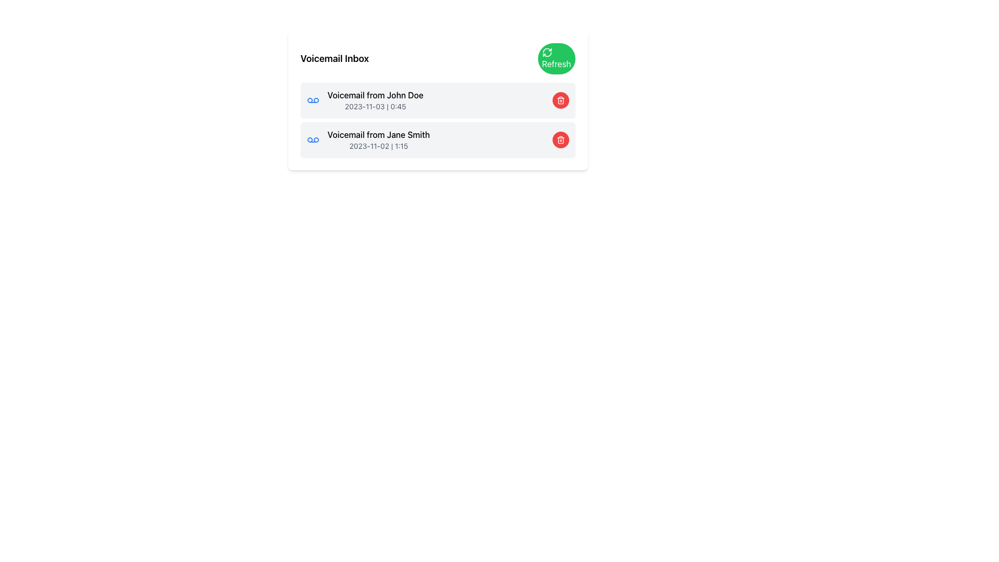 Image resolution: width=999 pixels, height=562 pixels. What do you see at coordinates (378, 139) in the screenshot?
I see `the Text Display element that shows 'Voicemail from Jane Smith' with timestamp '2023-11-02 | 1:15', located in the second row of the voicemail list` at bounding box center [378, 139].